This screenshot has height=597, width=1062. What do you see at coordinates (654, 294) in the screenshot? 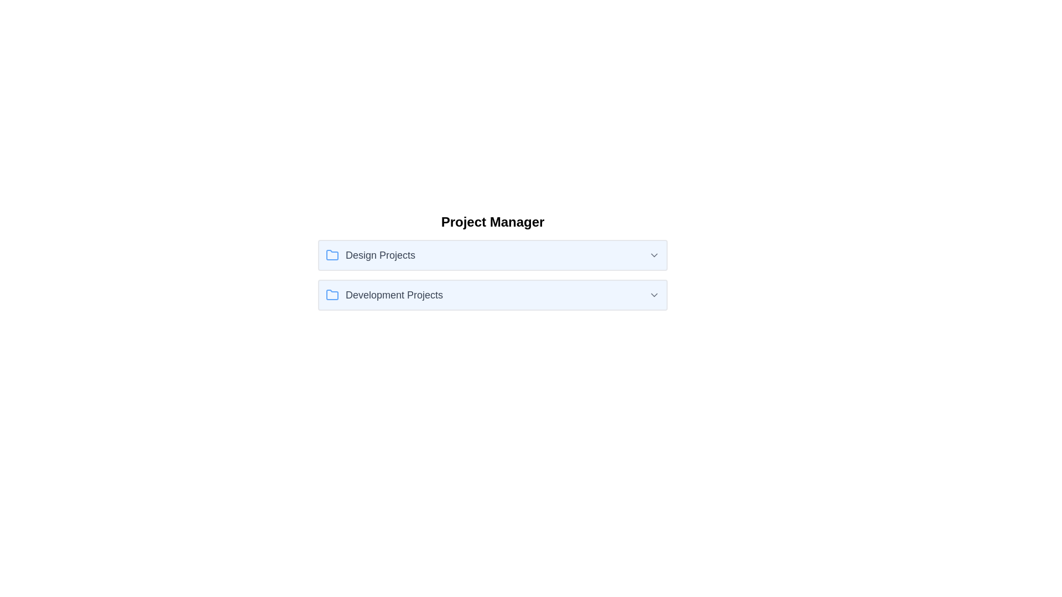
I see `the downward-facing chevron icon with a thin, rounded border stroke that is light gray, located on the far right of the 'Development Projects' row` at bounding box center [654, 294].